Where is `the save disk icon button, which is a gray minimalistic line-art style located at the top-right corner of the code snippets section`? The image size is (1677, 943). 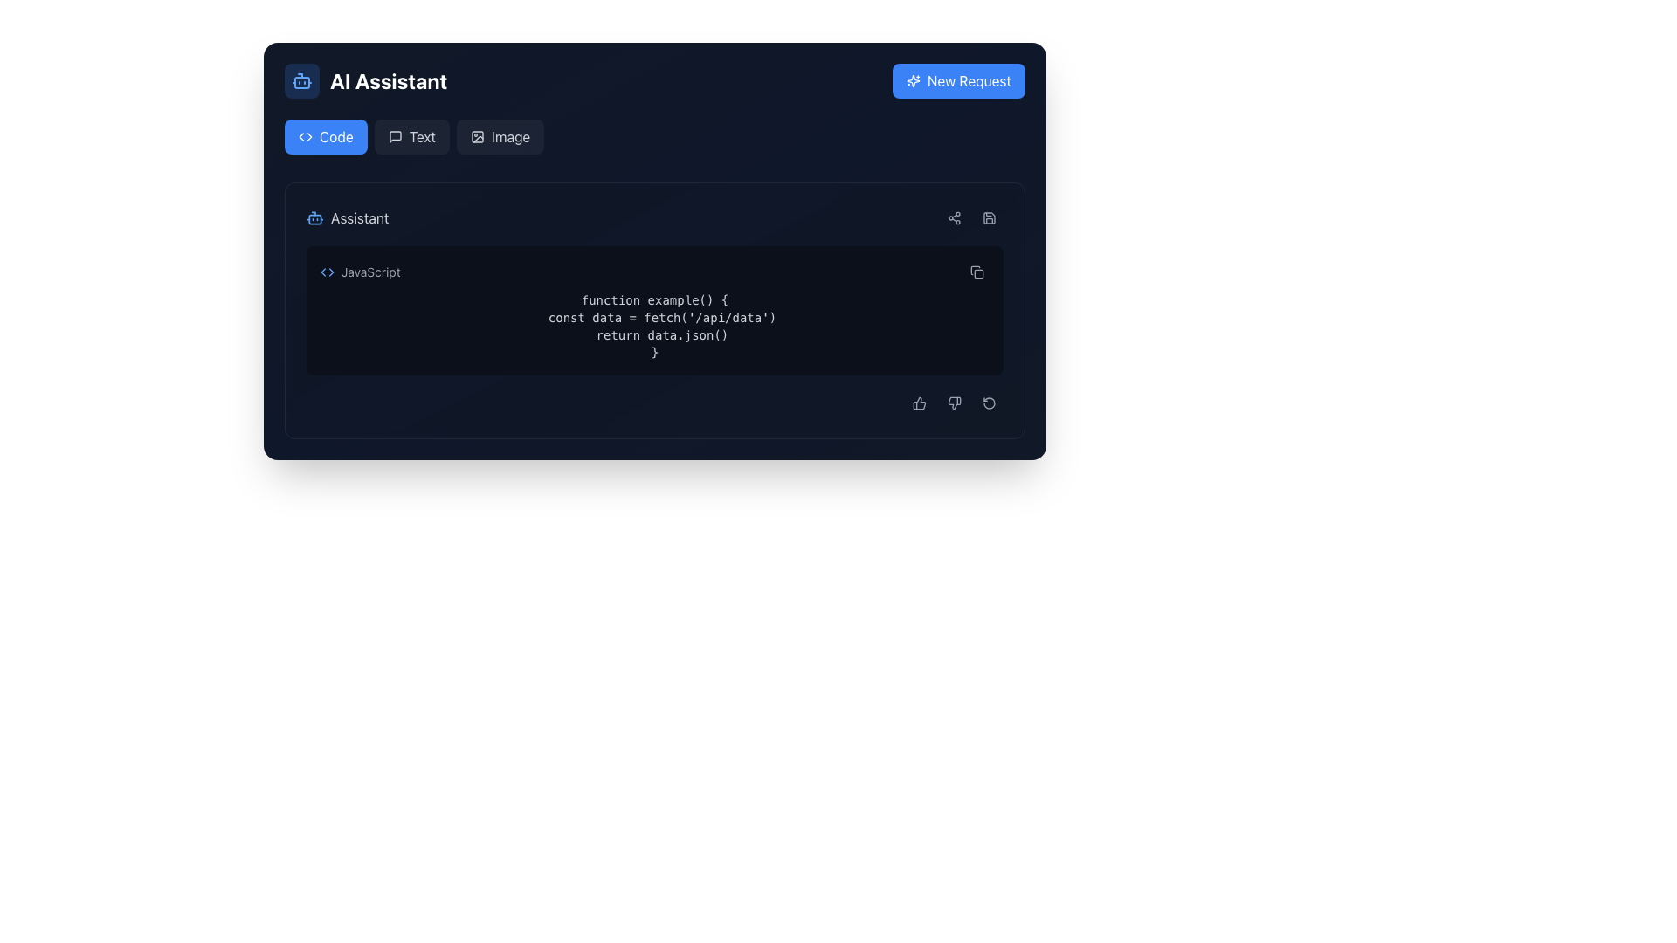
the save disk icon button, which is a gray minimalistic line-art style located at the top-right corner of the code snippets section is located at coordinates (989, 217).